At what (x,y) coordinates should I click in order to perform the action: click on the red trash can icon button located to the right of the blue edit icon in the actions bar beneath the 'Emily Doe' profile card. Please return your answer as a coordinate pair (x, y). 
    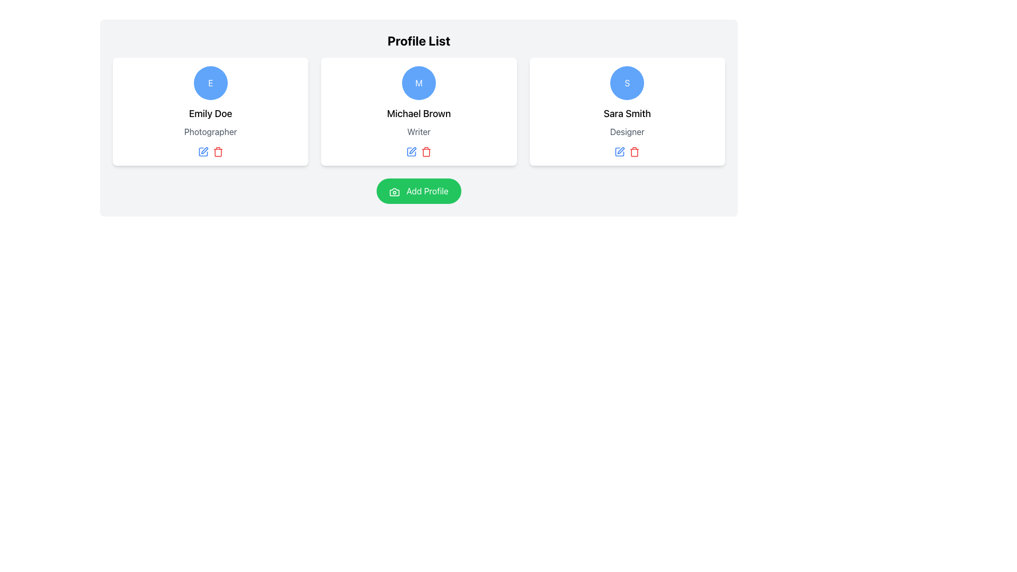
    Looking at the image, I should click on (217, 151).